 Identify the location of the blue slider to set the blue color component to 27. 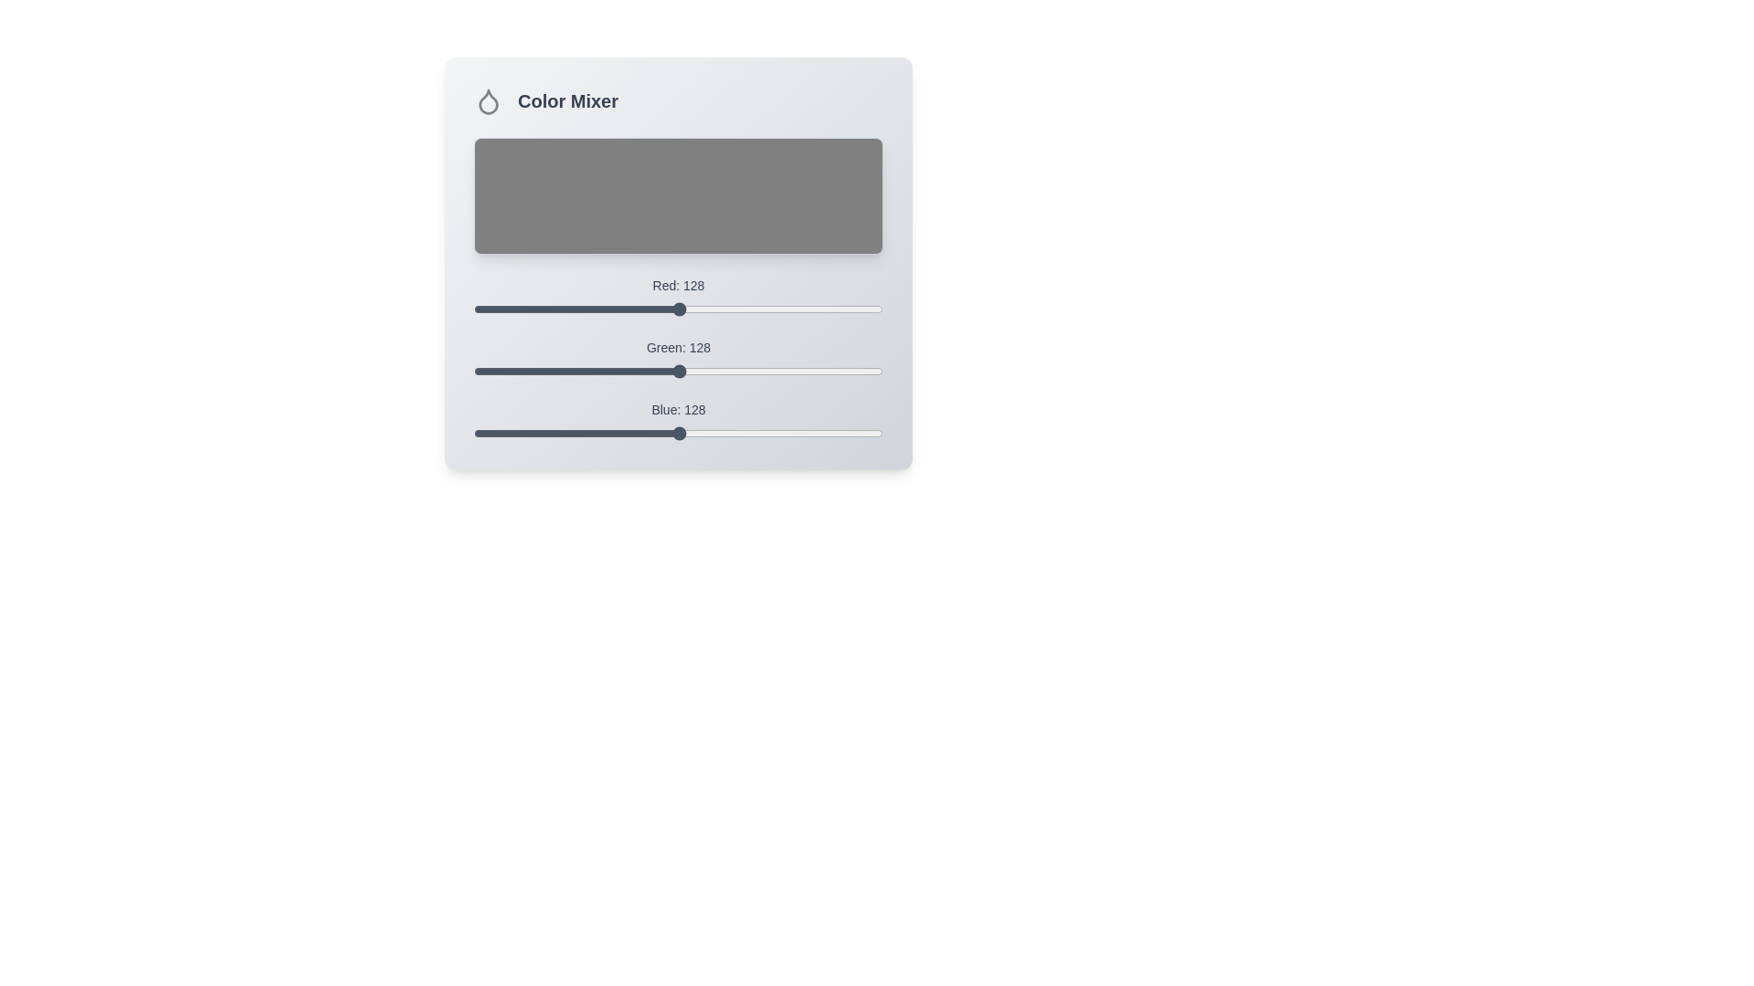
(516, 433).